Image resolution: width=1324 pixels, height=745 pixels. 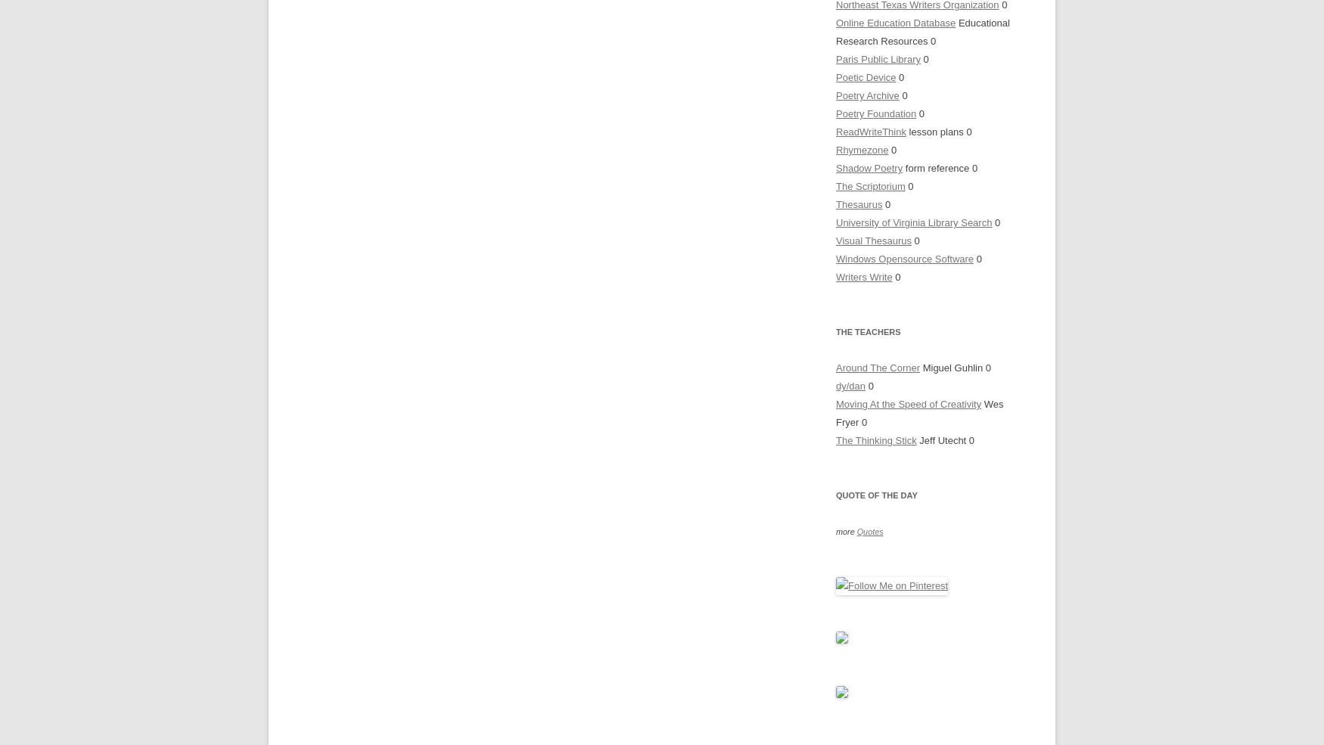 I want to click on 'Moving At the Speed of Creativity', so click(x=835, y=404).